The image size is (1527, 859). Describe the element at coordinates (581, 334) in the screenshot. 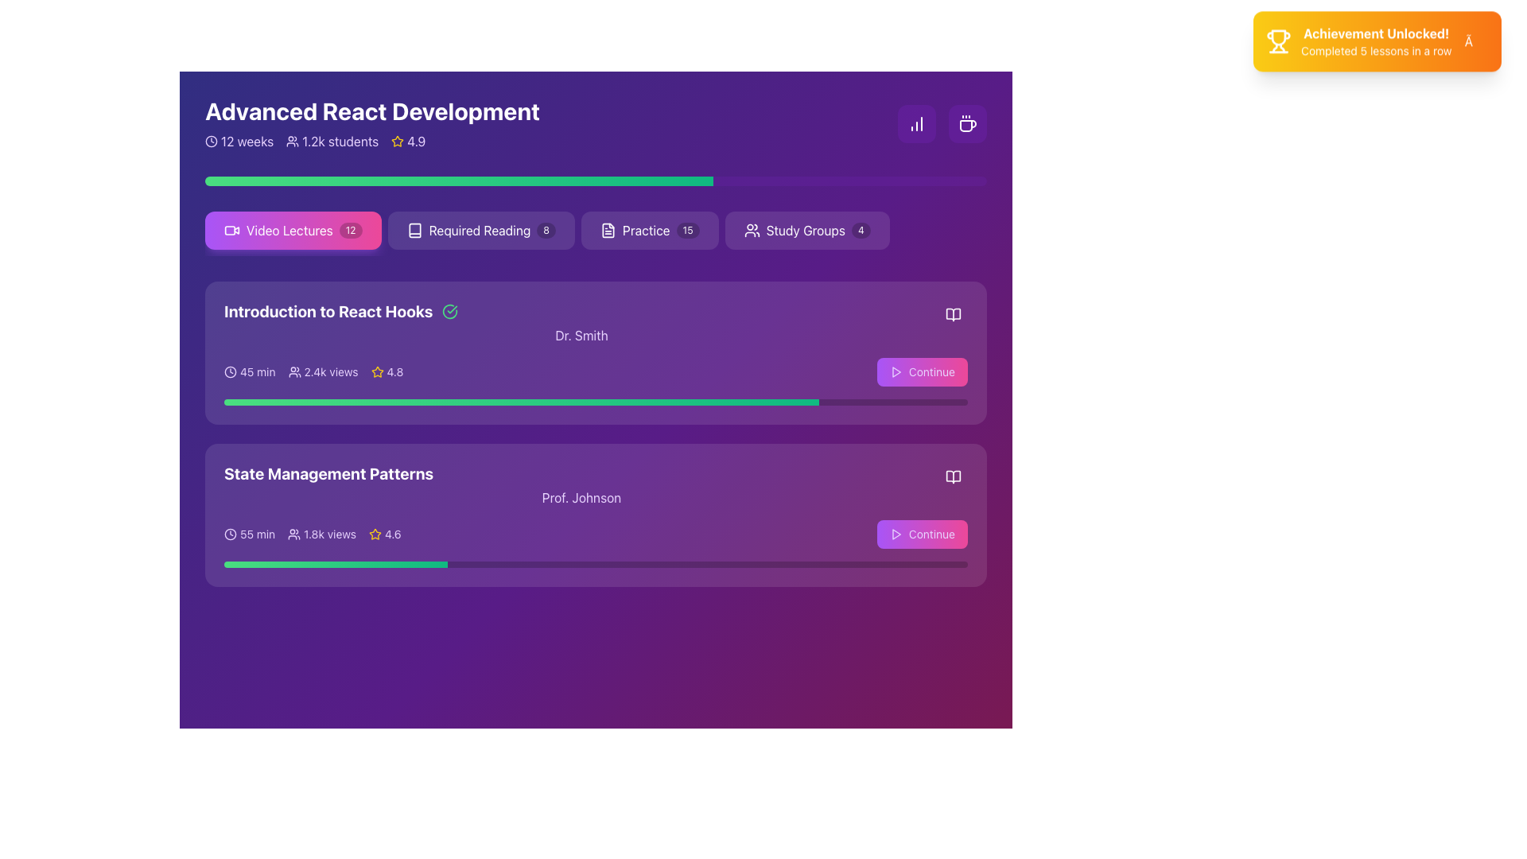

I see `displayed text of the Text label that provides author or presenter information, located immediately below the title 'Introduction to React Hooks' and aligned to the right` at that location.